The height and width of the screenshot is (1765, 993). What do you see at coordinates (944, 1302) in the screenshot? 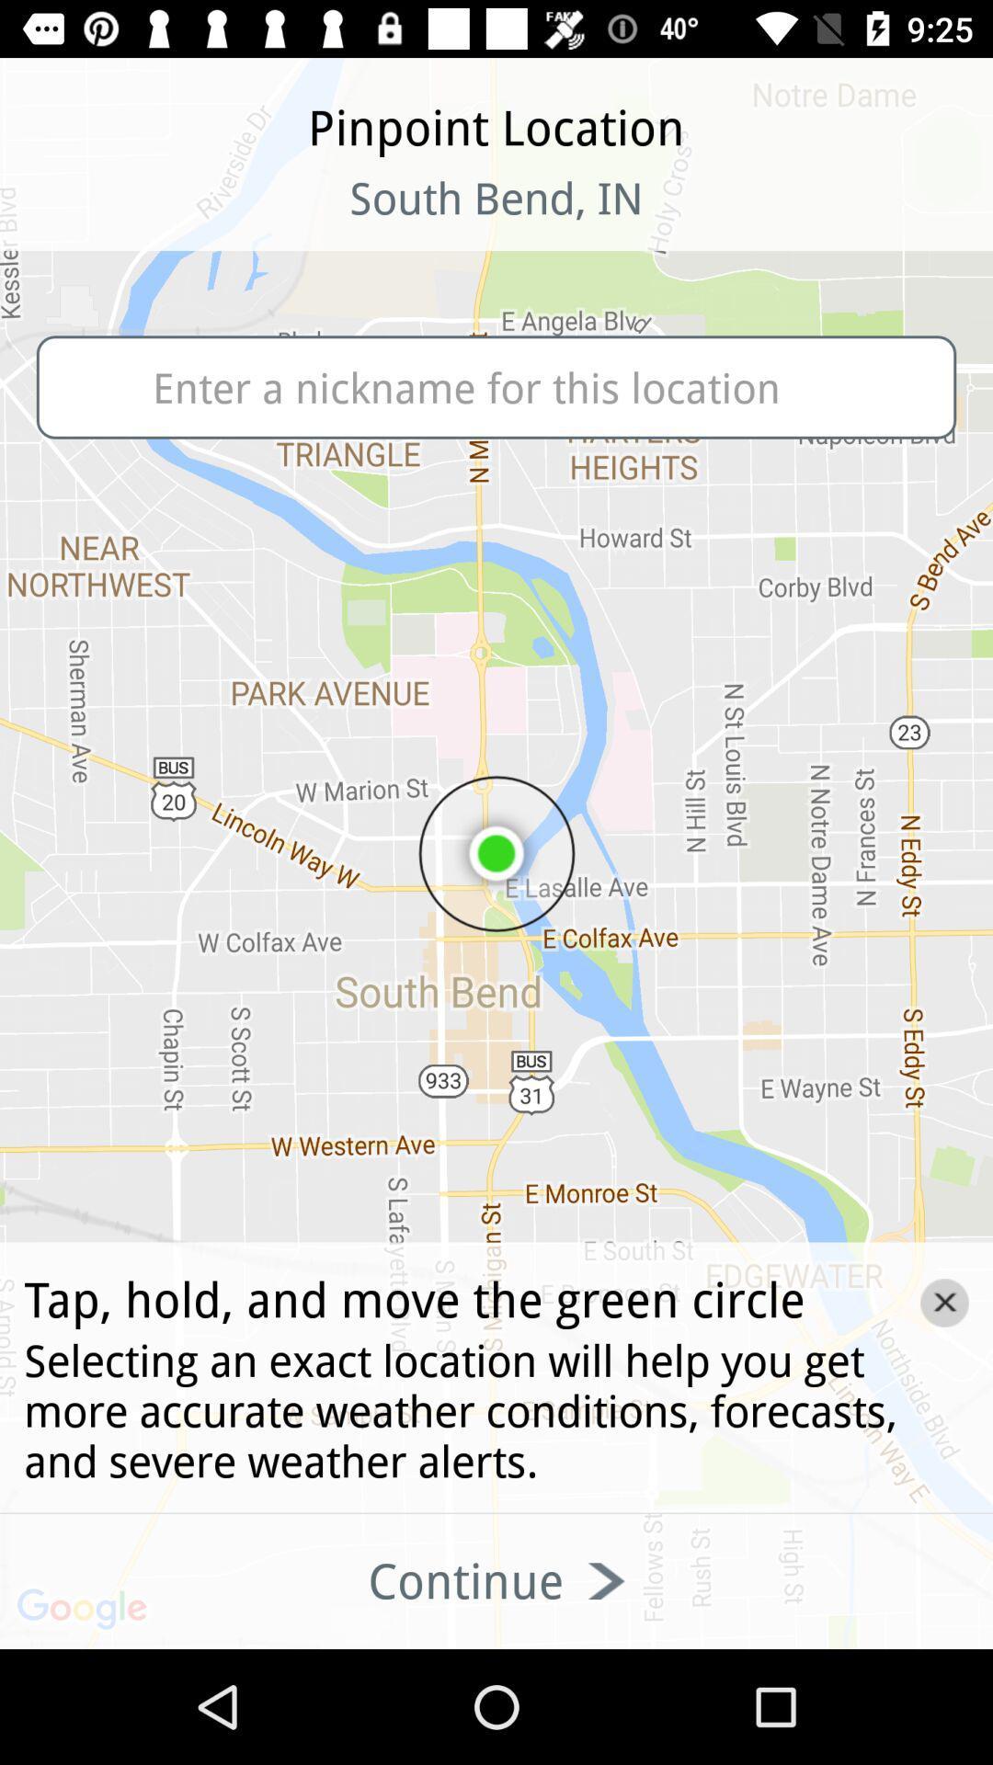
I see `the close icon` at bounding box center [944, 1302].